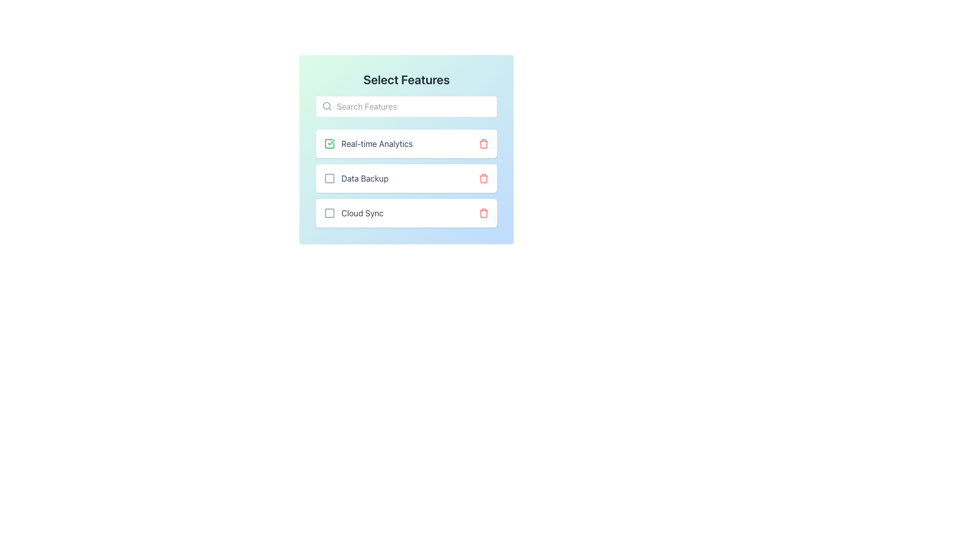 Image resolution: width=980 pixels, height=551 pixels. What do you see at coordinates (330, 212) in the screenshot?
I see `the checkbox or selector icon` at bounding box center [330, 212].